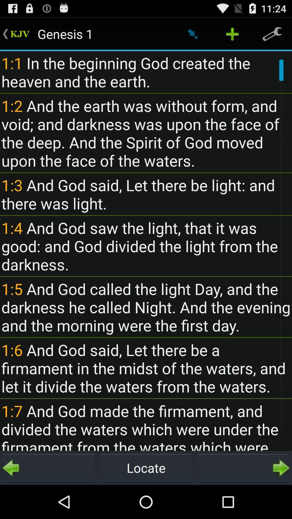 The image size is (292, 519). What do you see at coordinates (49, 468) in the screenshot?
I see `go back` at bounding box center [49, 468].